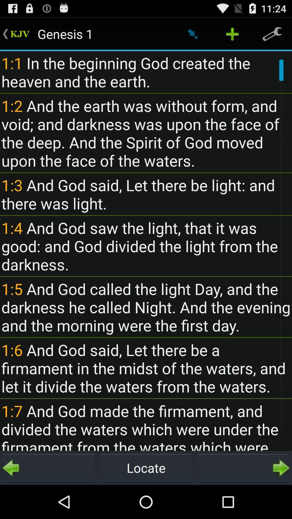 The image size is (292, 519). What do you see at coordinates (49, 468) in the screenshot?
I see `go back` at bounding box center [49, 468].